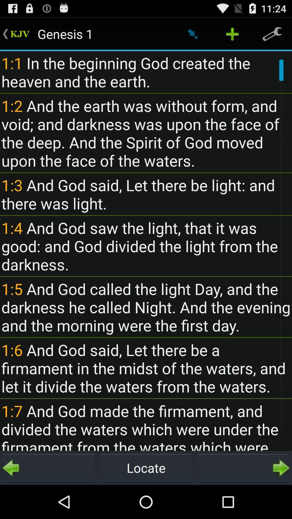 The image size is (292, 519). What do you see at coordinates (49, 468) in the screenshot?
I see `go back` at bounding box center [49, 468].